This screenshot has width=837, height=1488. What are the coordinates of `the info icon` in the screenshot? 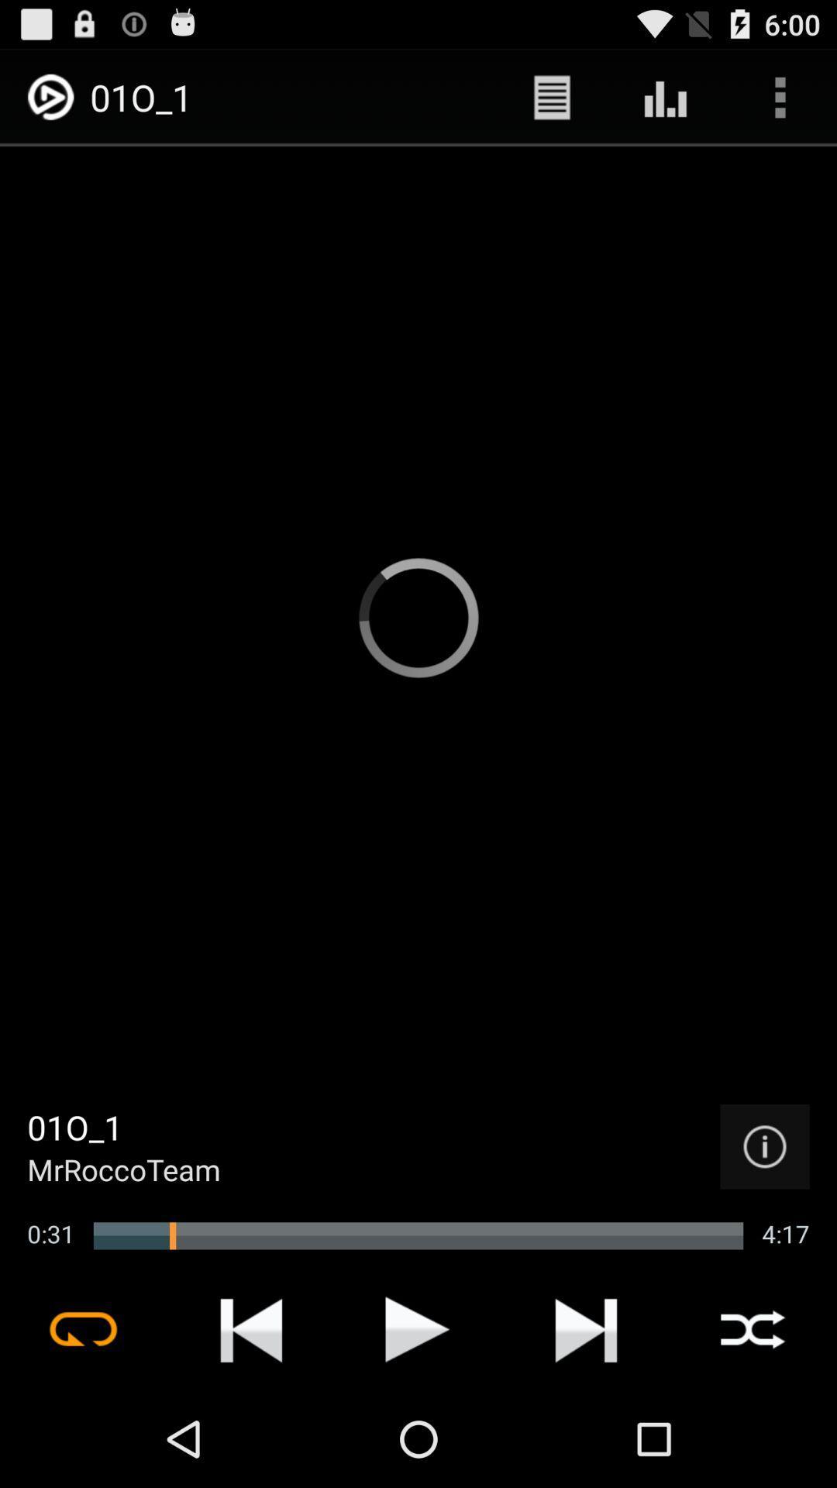 It's located at (764, 1226).